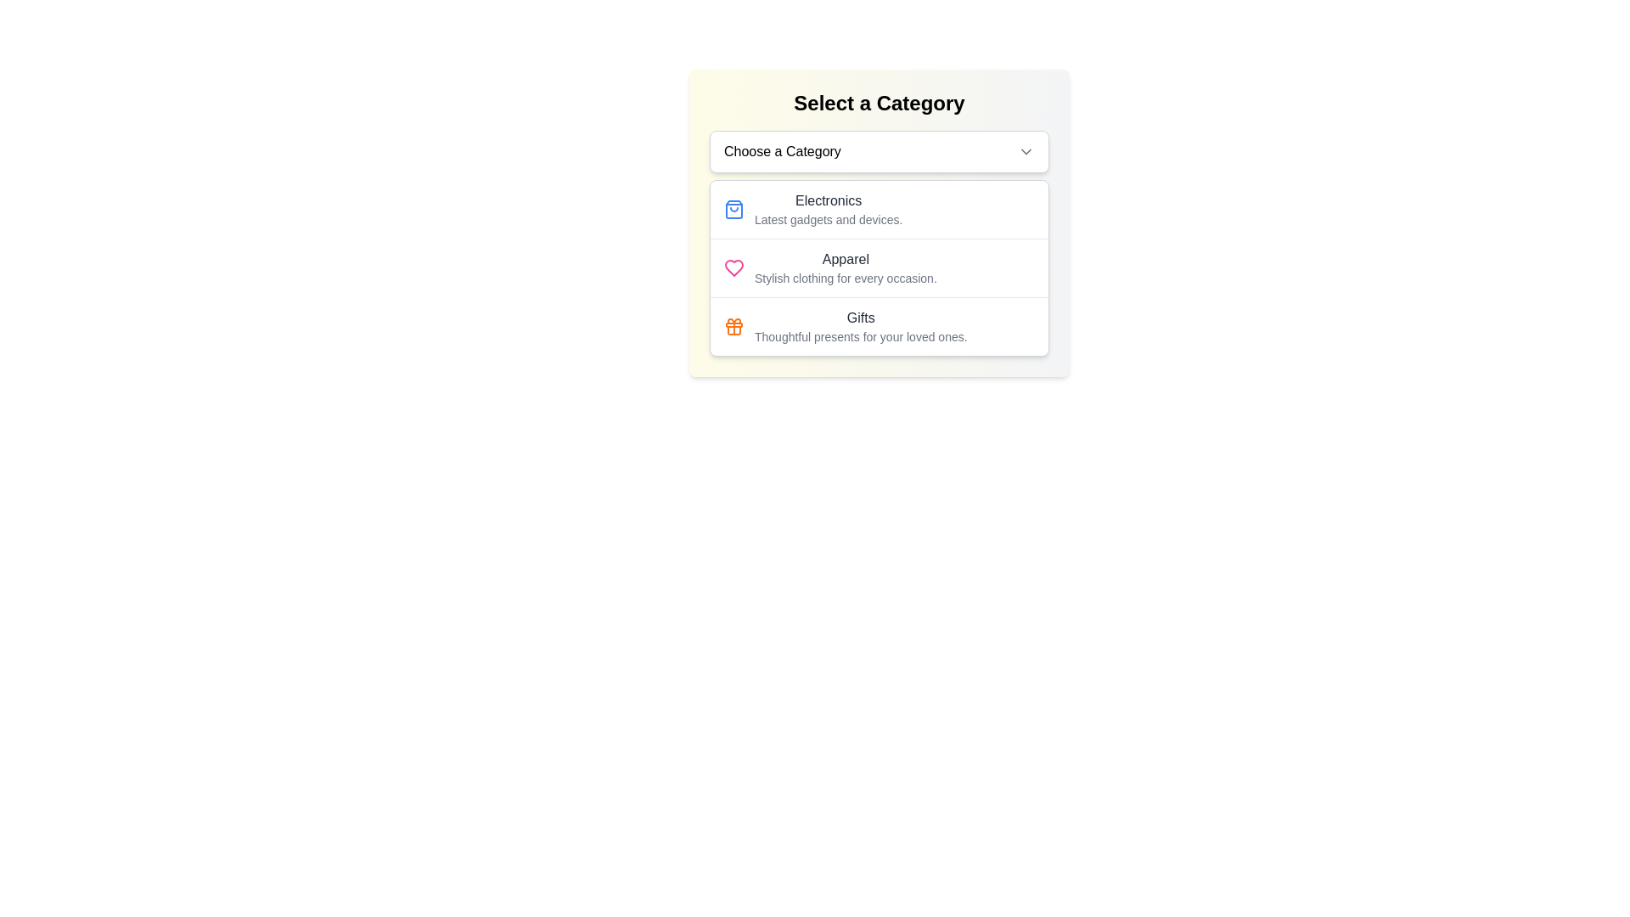  Describe the element at coordinates (861, 327) in the screenshot. I see `the text block labeled 'Gifts' which is the third item in the vertical list under 'Select a Category', styled with a bold font and accompanied by a gift icon` at that location.